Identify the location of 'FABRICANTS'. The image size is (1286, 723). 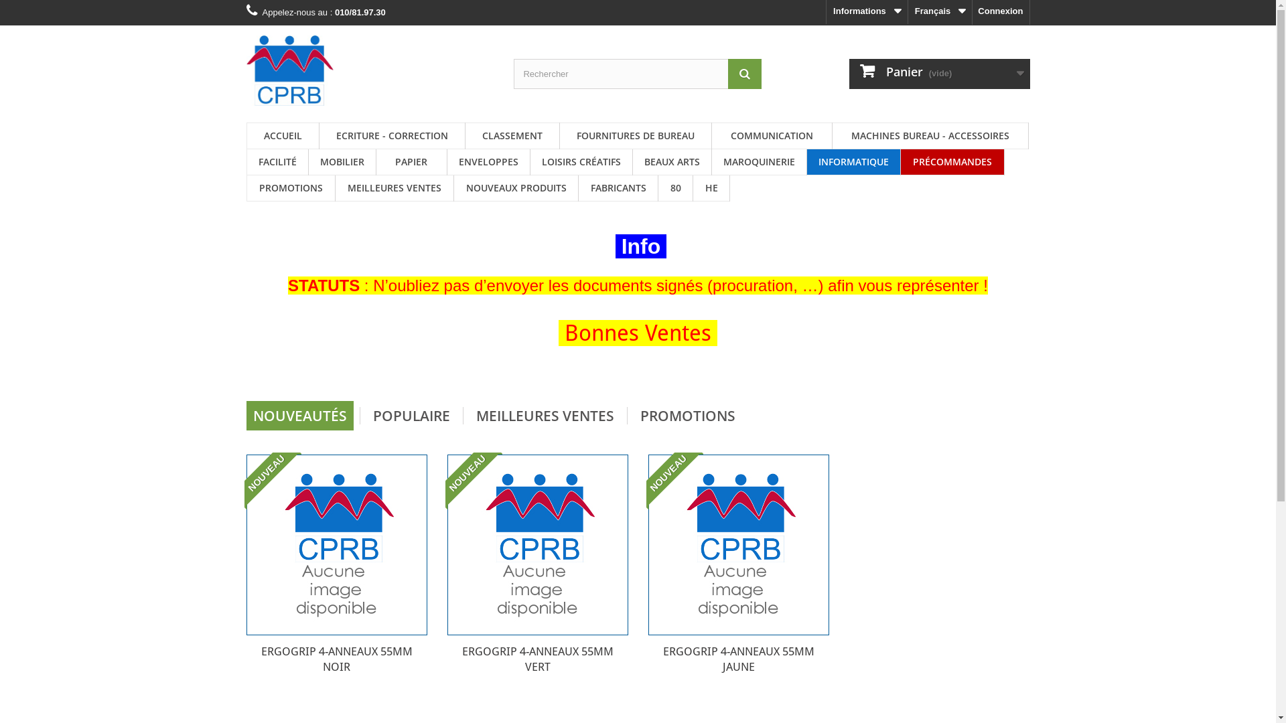
(617, 188).